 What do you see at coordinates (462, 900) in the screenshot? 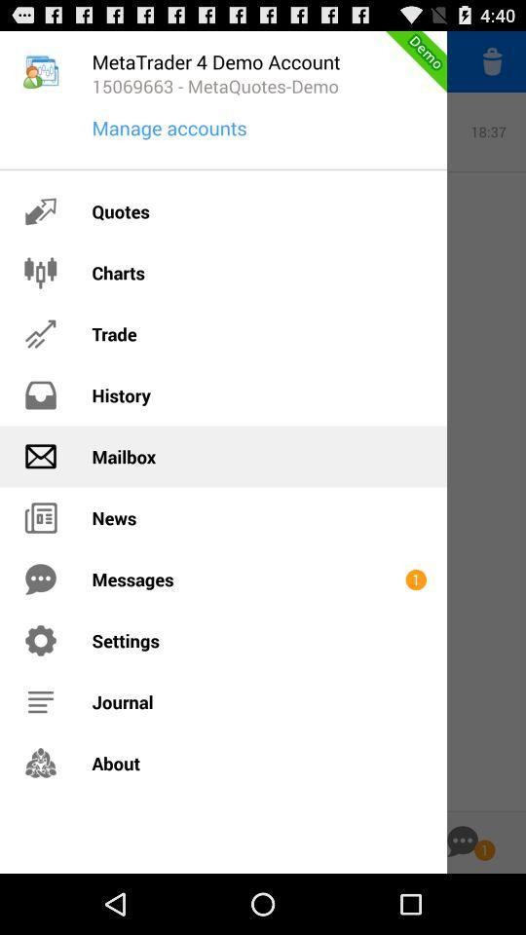
I see `the chat icon` at bounding box center [462, 900].